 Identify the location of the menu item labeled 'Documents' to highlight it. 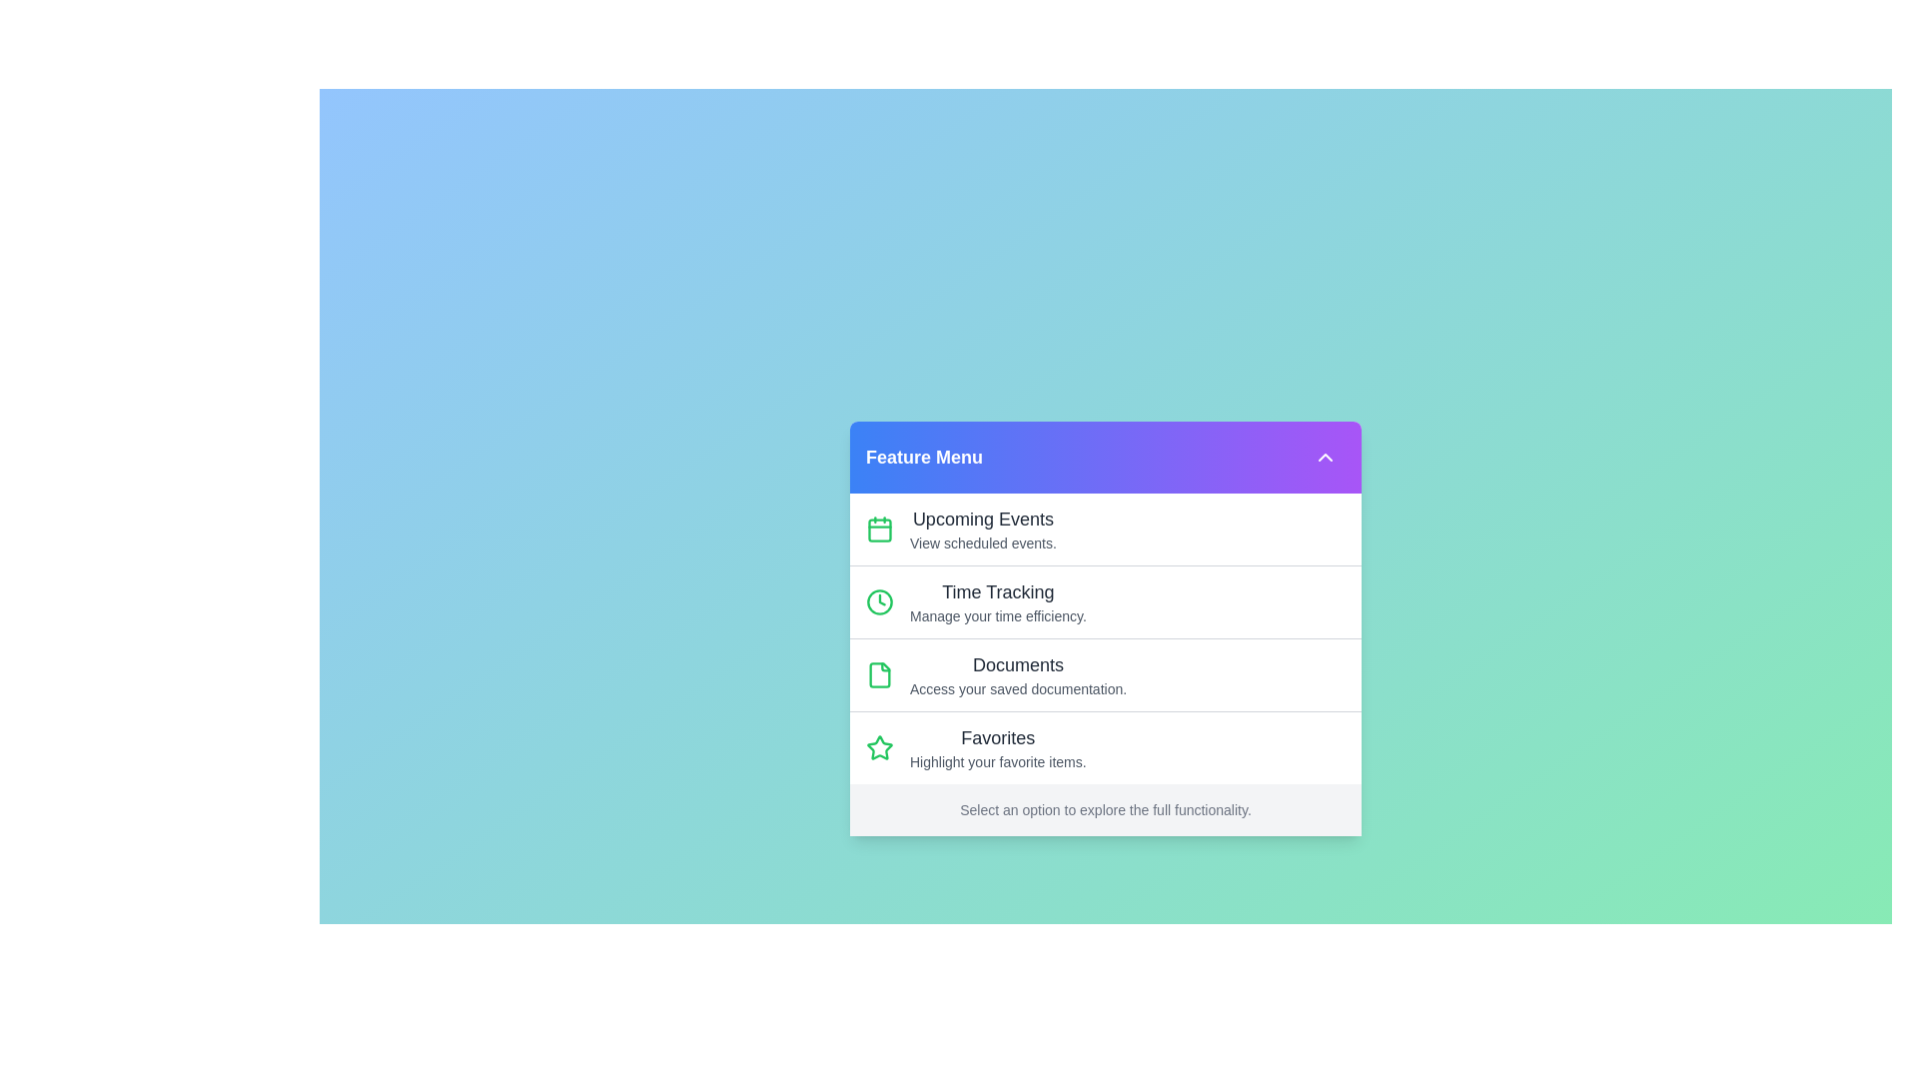
(1105, 674).